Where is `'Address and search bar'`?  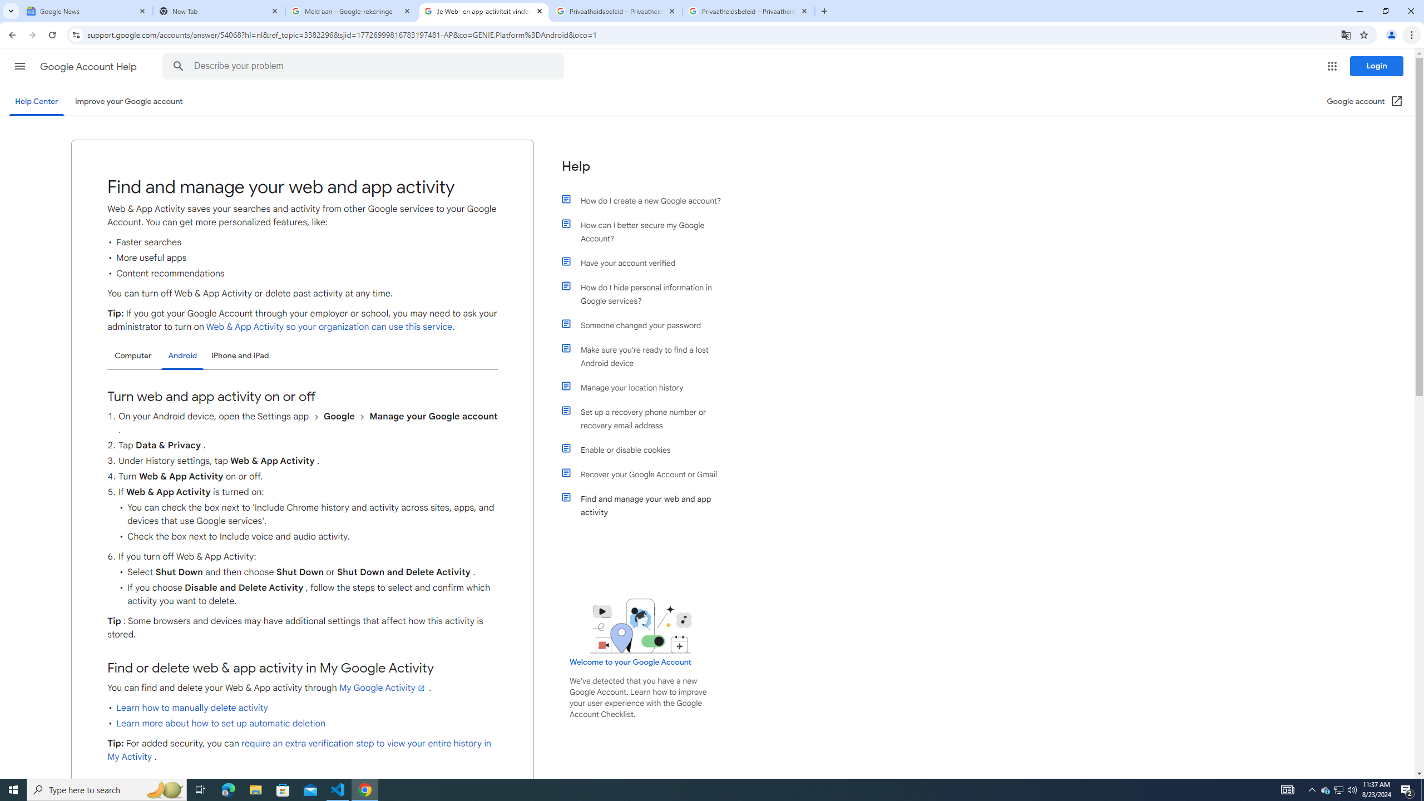 'Address and search bar' is located at coordinates (710, 34).